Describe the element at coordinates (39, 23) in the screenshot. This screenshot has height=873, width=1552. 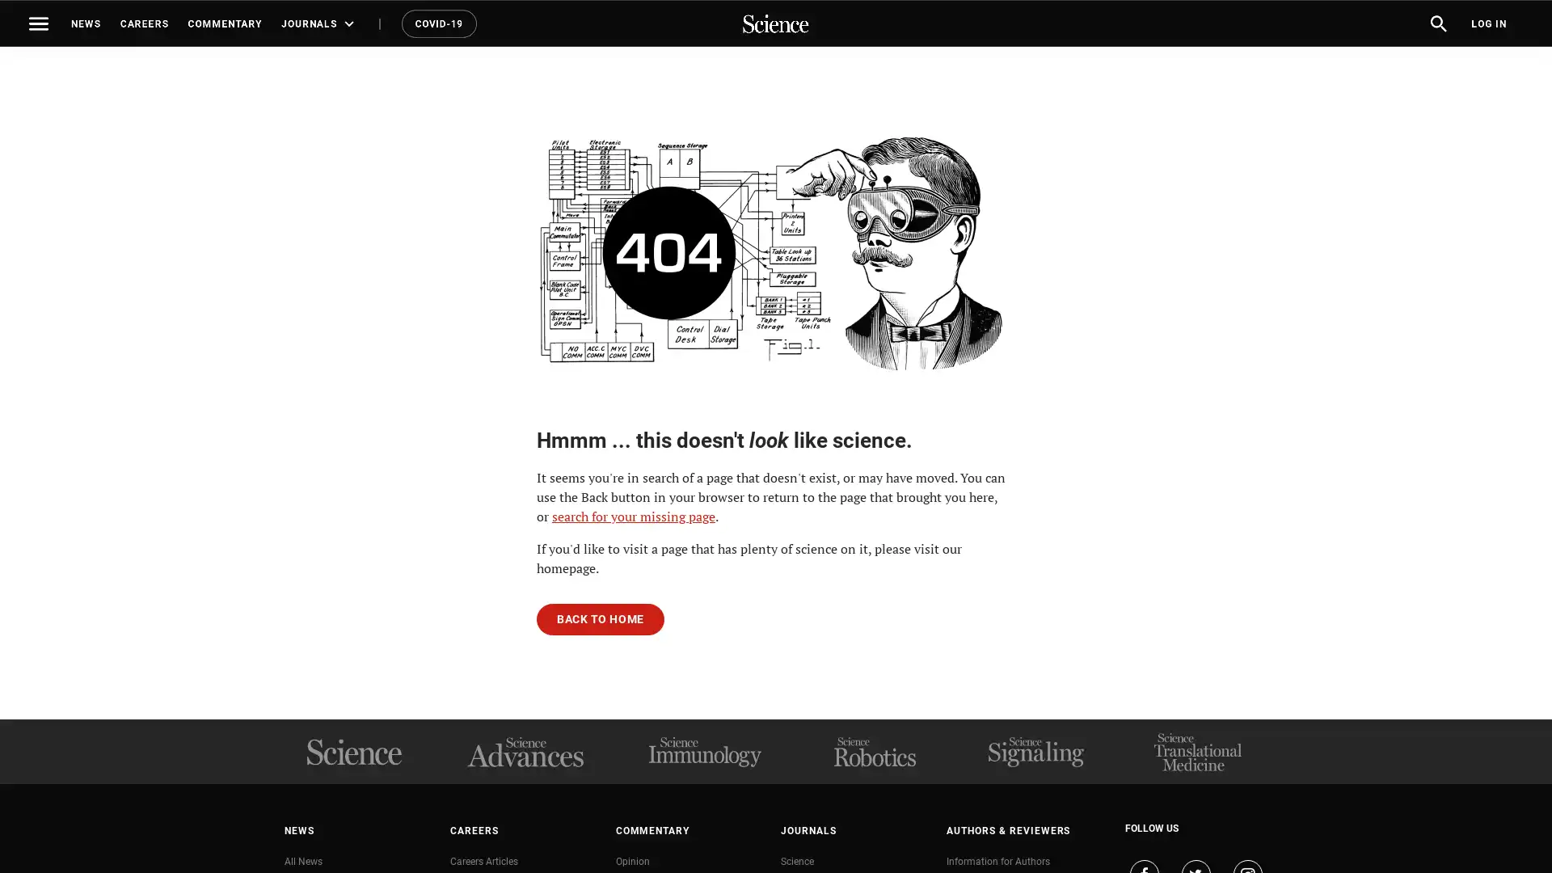
I see `Toggle navigation` at that location.